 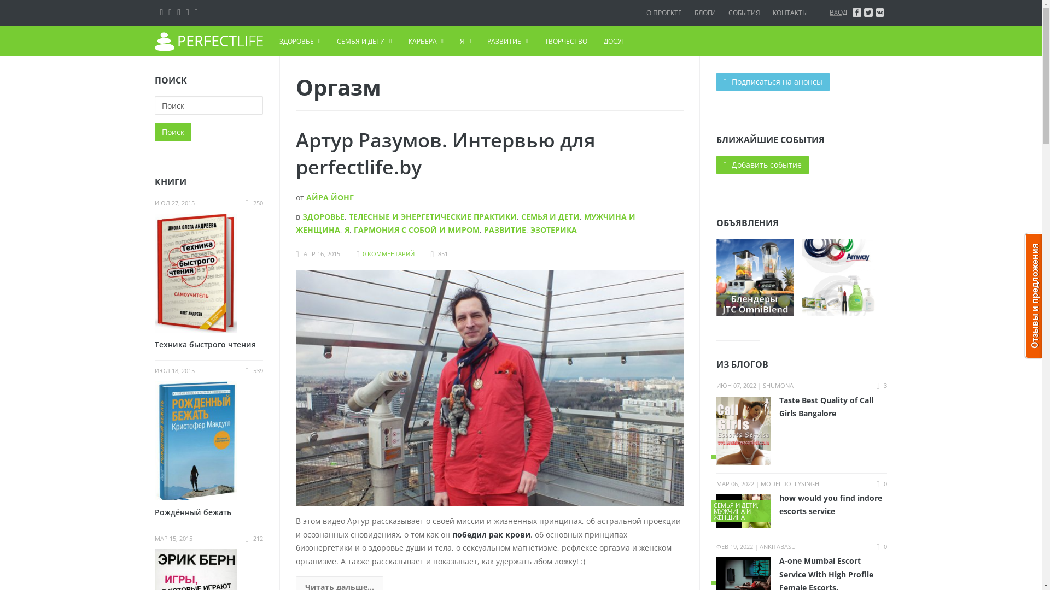 I want to click on 'Google+', so click(x=187, y=11).